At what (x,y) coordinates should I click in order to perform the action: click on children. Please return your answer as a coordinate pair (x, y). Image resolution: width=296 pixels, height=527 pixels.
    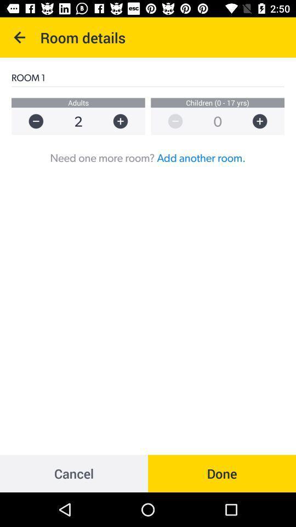
    Looking at the image, I should click on (265, 121).